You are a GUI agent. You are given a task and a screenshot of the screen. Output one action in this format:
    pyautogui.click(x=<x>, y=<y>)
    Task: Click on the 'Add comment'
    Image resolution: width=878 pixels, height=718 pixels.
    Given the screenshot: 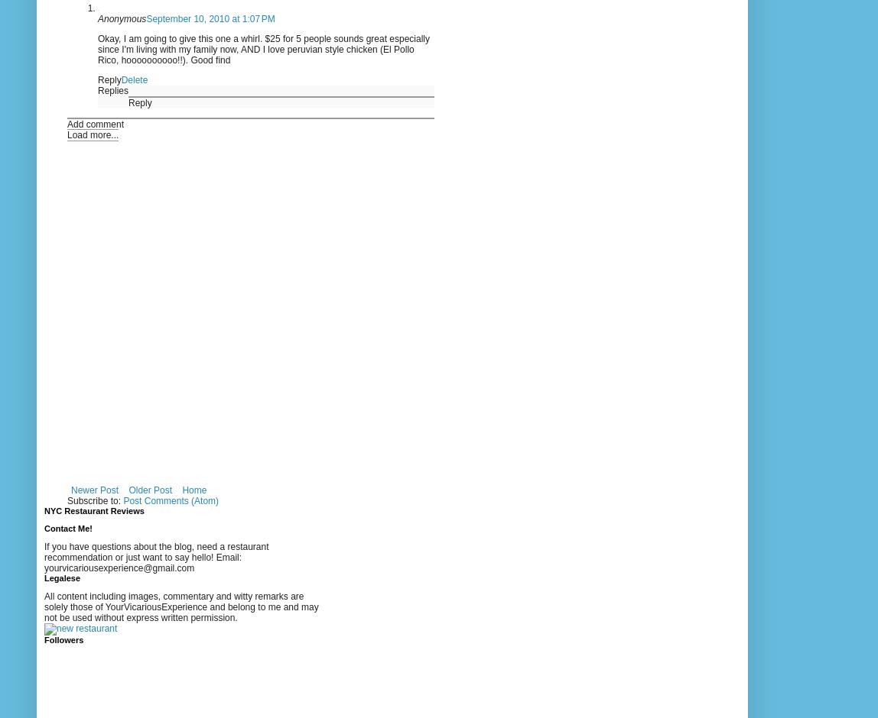 What is the action you would take?
    pyautogui.click(x=95, y=123)
    